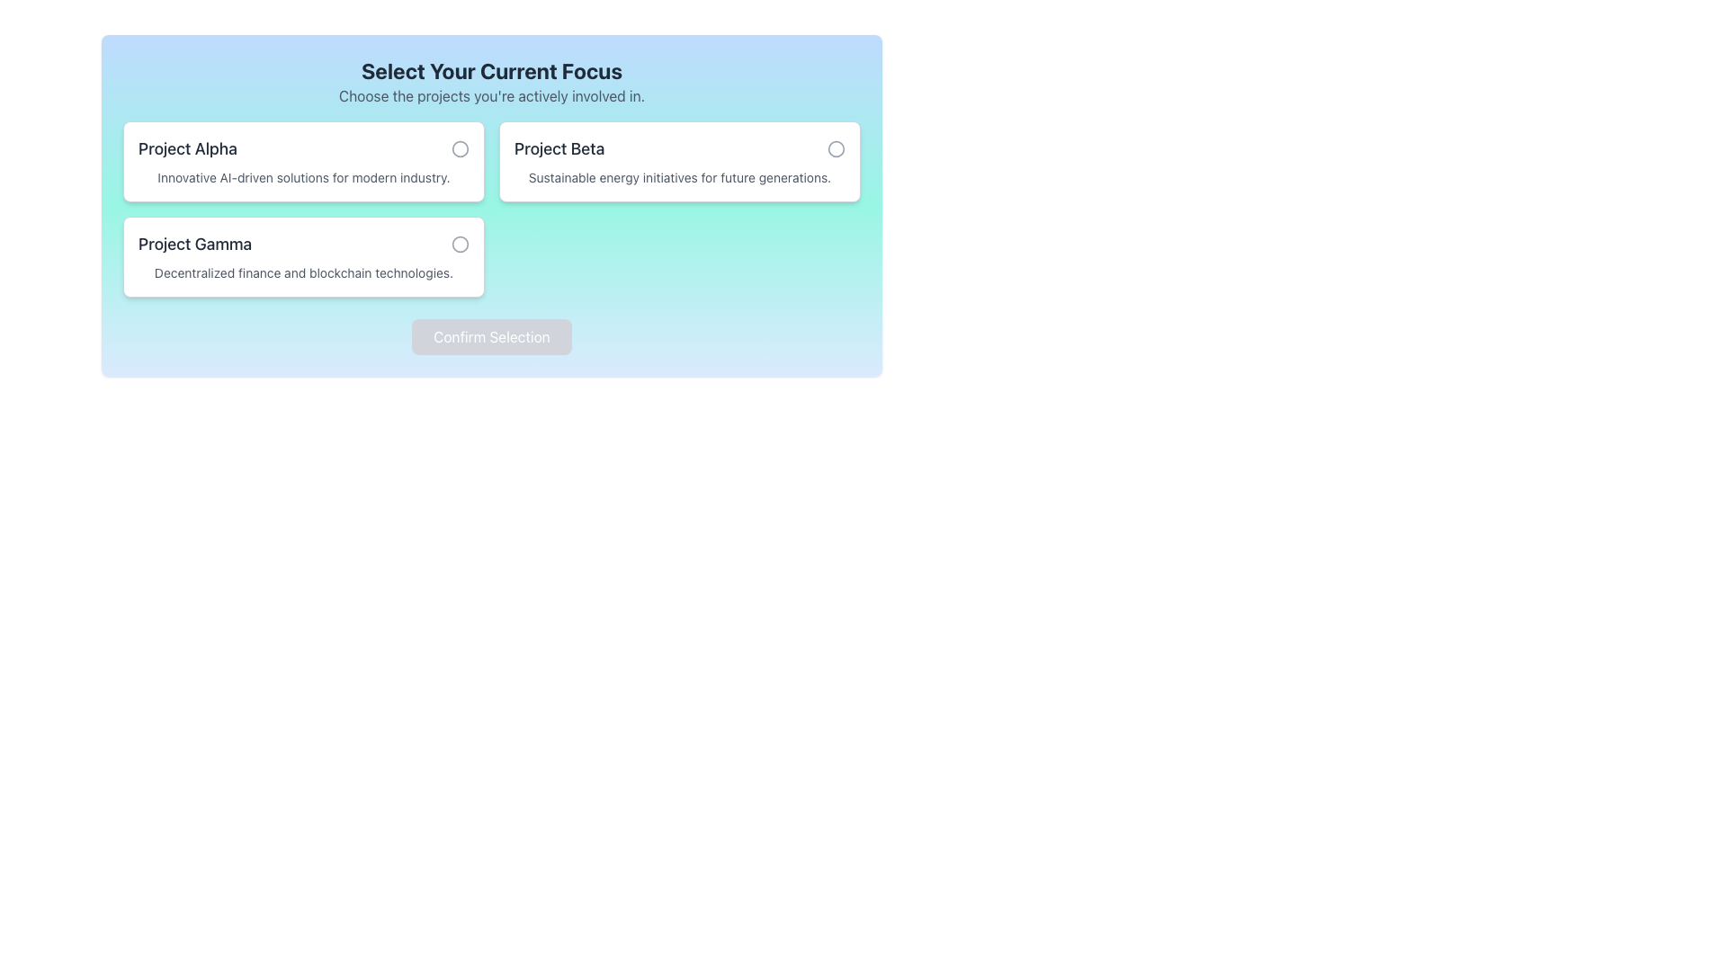  What do you see at coordinates (195, 245) in the screenshot?
I see `the text label displaying 'Project Gamma' which is the title of a selectable project in a bold dark gray font` at bounding box center [195, 245].